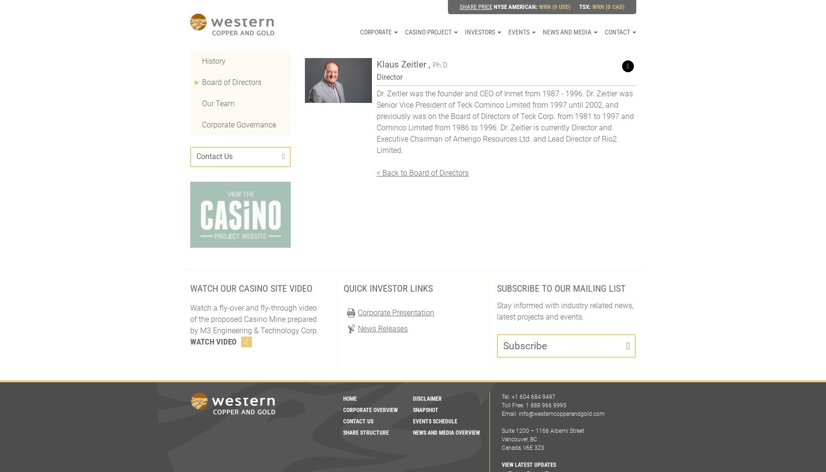 This screenshot has width=826, height=472. Describe the element at coordinates (464, 32) in the screenshot. I see `'Investors'` at that location.